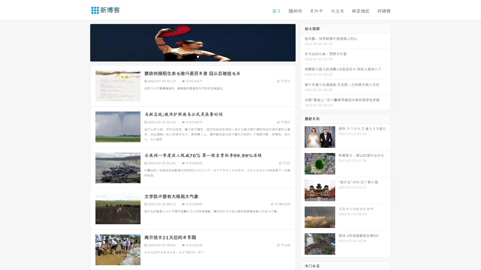 The height and width of the screenshot is (270, 481). What do you see at coordinates (187, 56) in the screenshot?
I see `Go to slide 1` at bounding box center [187, 56].